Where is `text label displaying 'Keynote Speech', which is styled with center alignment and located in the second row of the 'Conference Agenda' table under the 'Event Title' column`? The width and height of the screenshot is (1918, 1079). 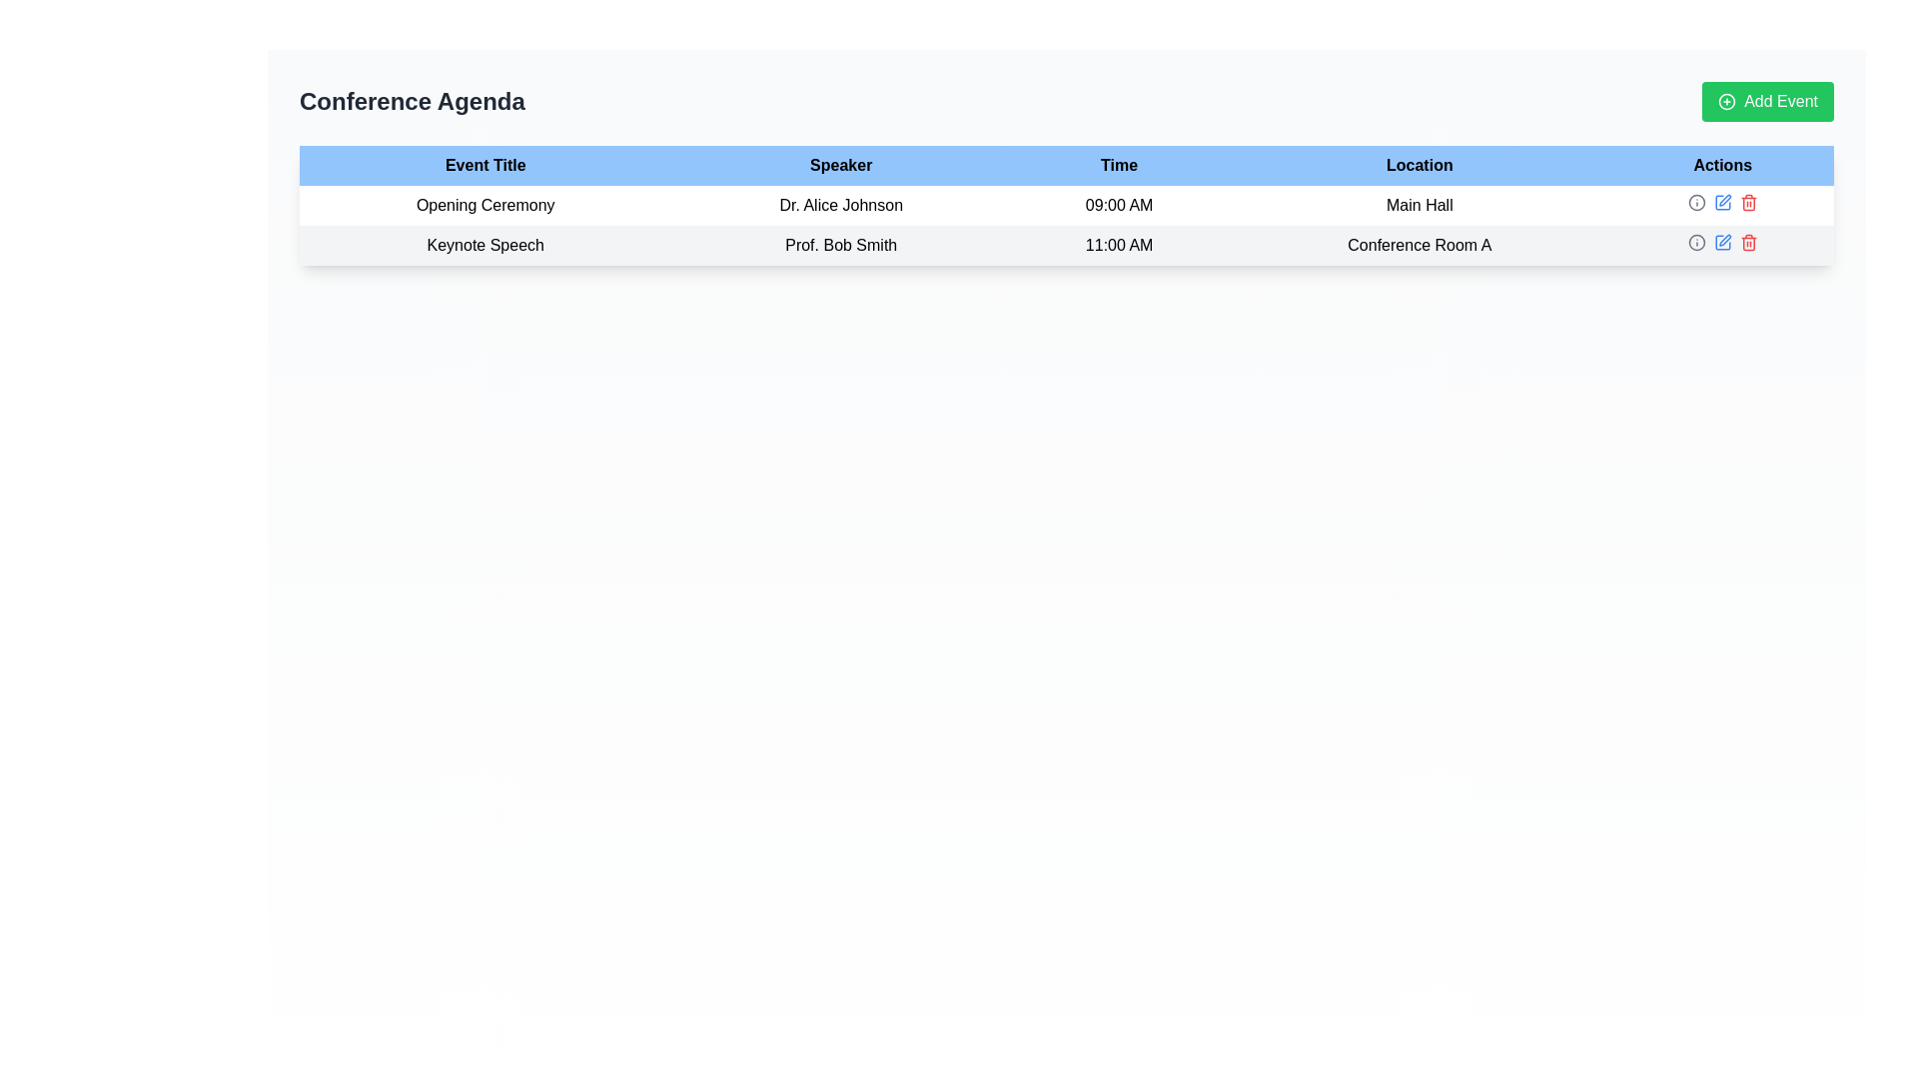
text label displaying 'Keynote Speech', which is styled with center alignment and located in the second row of the 'Conference Agenda' table under the 'Event Title' column is located at coordinates (485, 245).